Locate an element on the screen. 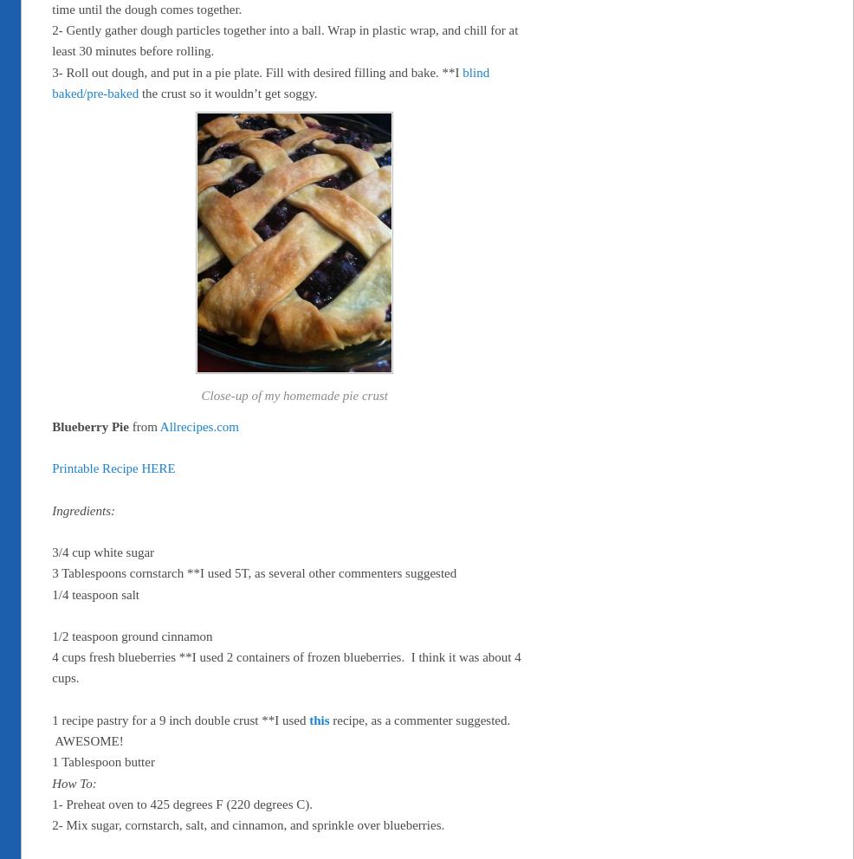 The width and height of the screenshot is (854, 859). '3 Tablespoons cornstarch **I used 5T, as several other commenters suggested' is located at coordinates (254, 572).